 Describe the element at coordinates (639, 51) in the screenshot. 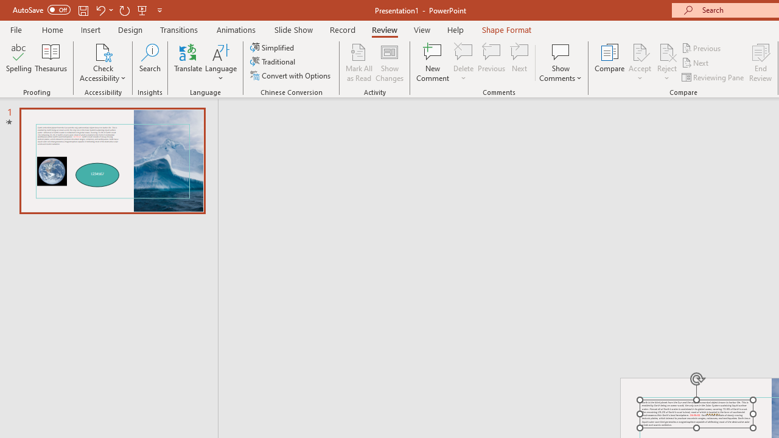

I see `'Accept Change'` at that location.